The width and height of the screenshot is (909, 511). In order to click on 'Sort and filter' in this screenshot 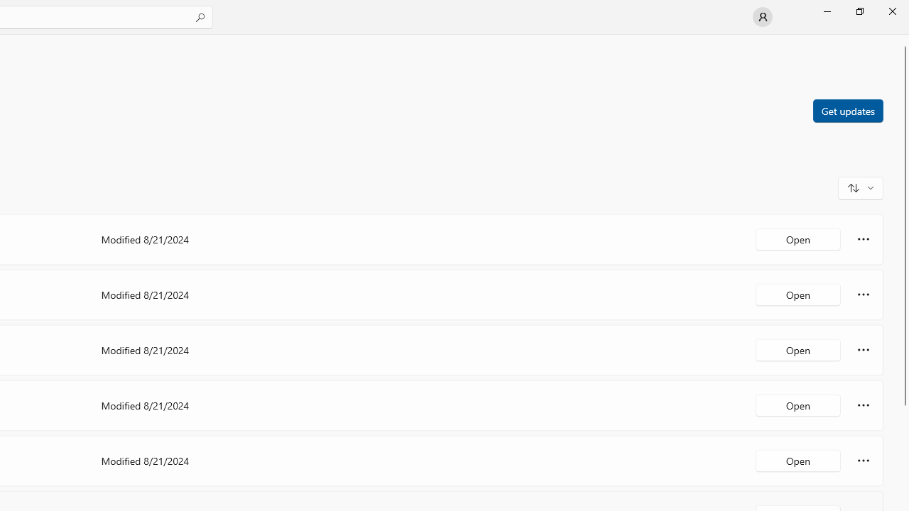, I will do `click(860, 187)`.